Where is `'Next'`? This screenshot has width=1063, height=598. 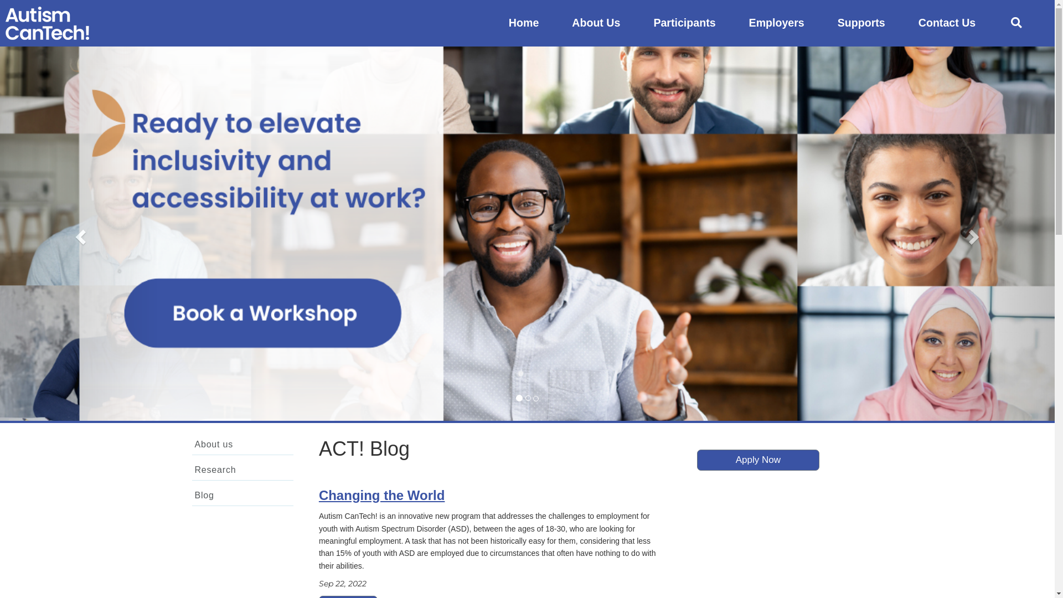
'Next' is located at coordinates (975, 233).